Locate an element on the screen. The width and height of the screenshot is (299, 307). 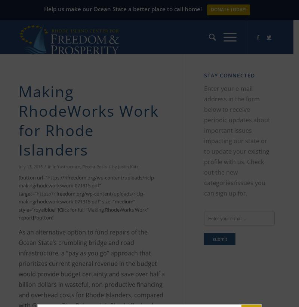
'by' is located at coordinates (115, 166).